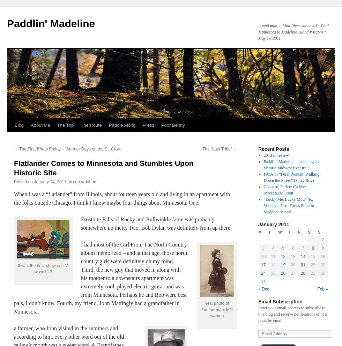 The height and width of the screenshot is (346, 342). What do you see at coordinates (23, 181) in the screenshot?
I see `'Posted on'` at bounding box center [23, 181].